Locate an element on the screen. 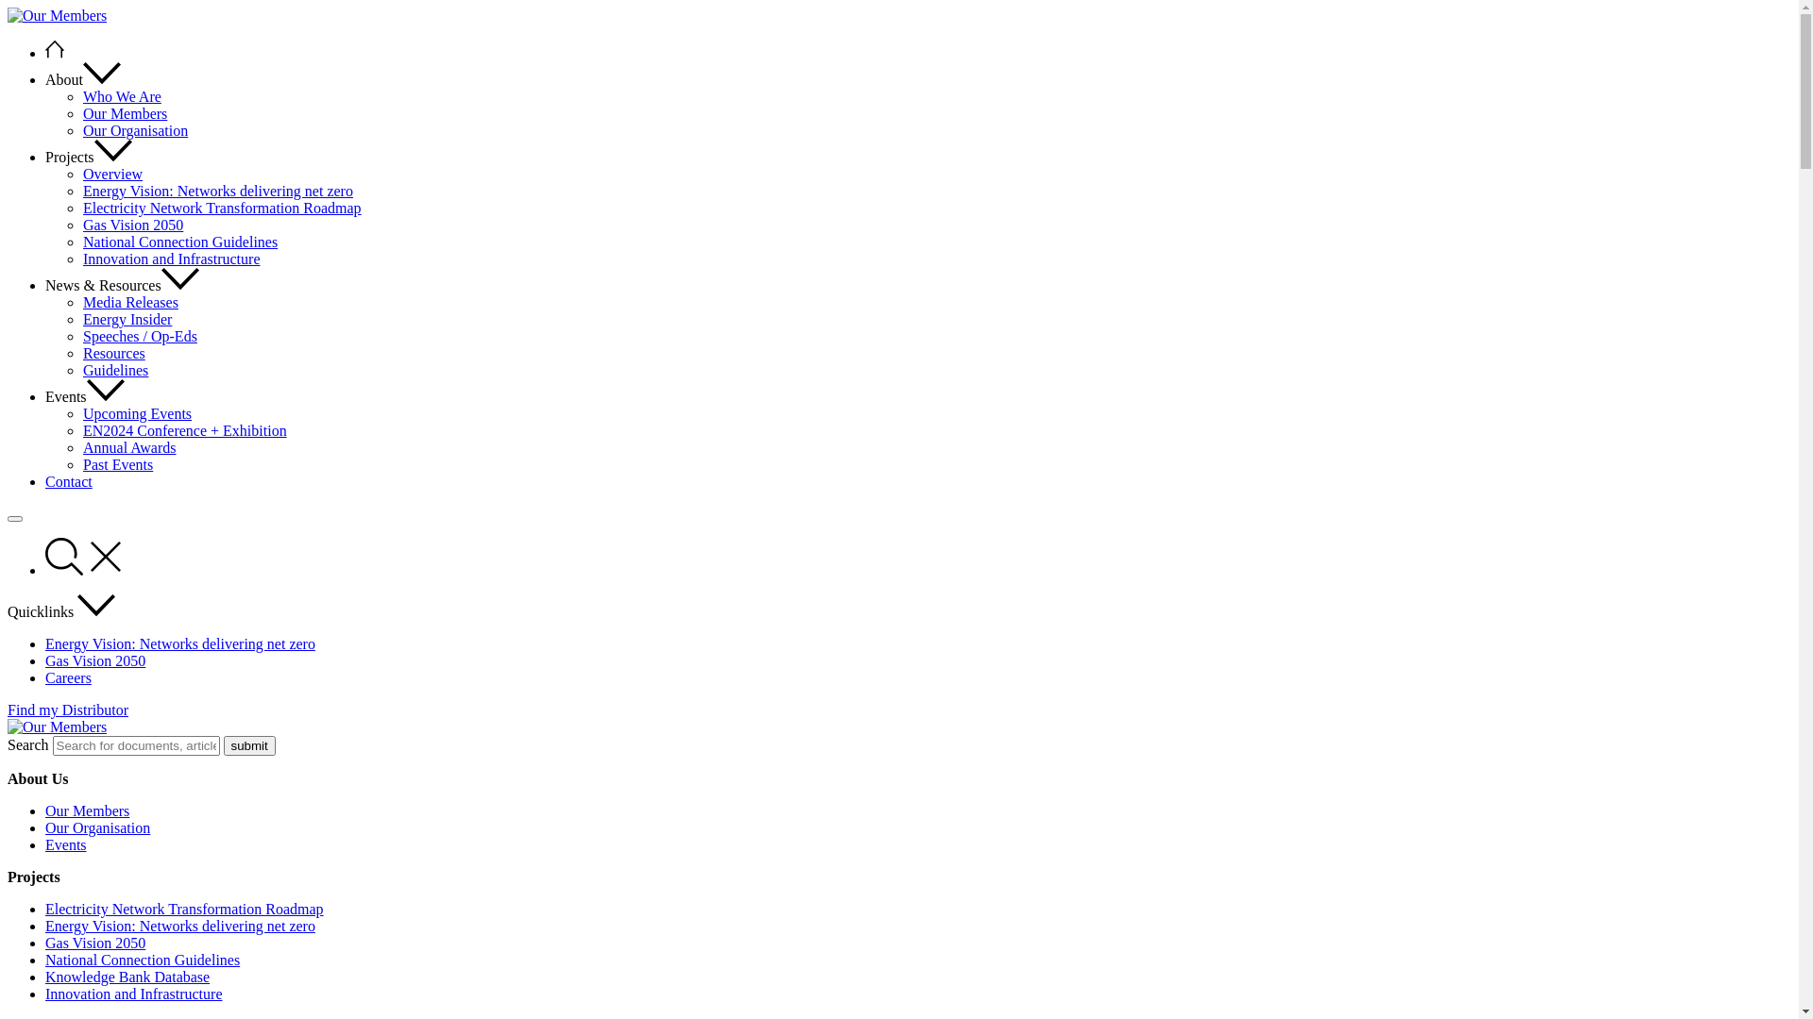 The height and width of the screenshot is (1019, 1813). 'Upcoming Events' is located at coordinates (136, 412).